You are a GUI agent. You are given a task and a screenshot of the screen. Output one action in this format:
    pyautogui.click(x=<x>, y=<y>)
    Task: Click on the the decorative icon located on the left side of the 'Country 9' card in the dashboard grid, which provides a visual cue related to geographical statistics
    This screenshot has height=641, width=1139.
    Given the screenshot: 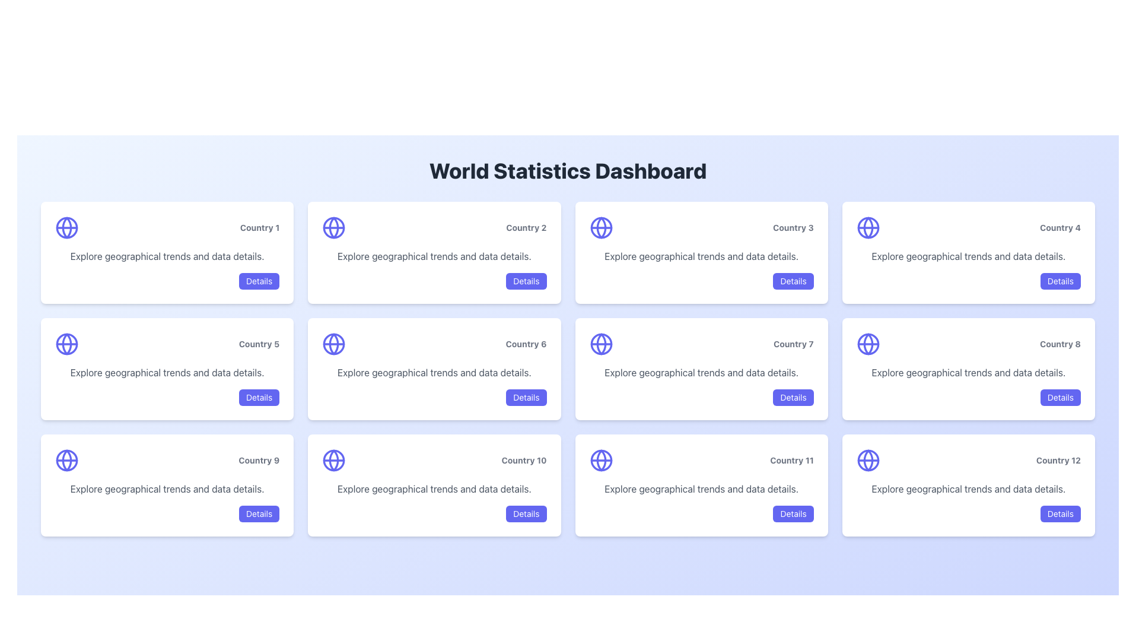 What is the action you would take?
    pyautogui.click(x=66, y=459)
    